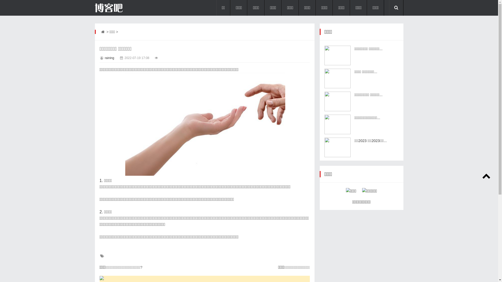  I want to click on 'raining', so click(109, 58).